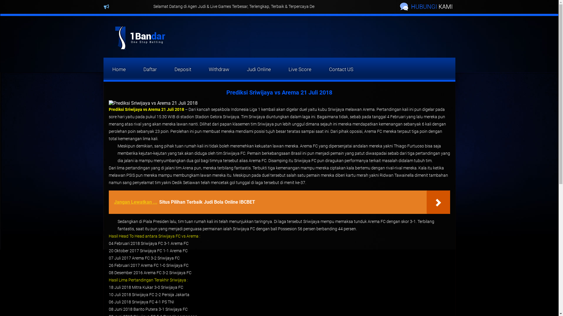 The width and height of the screenshot is (563, 316). Describe the element at coordinates (341, 69) in the screenshot. I see `'Contact US'` at that location.